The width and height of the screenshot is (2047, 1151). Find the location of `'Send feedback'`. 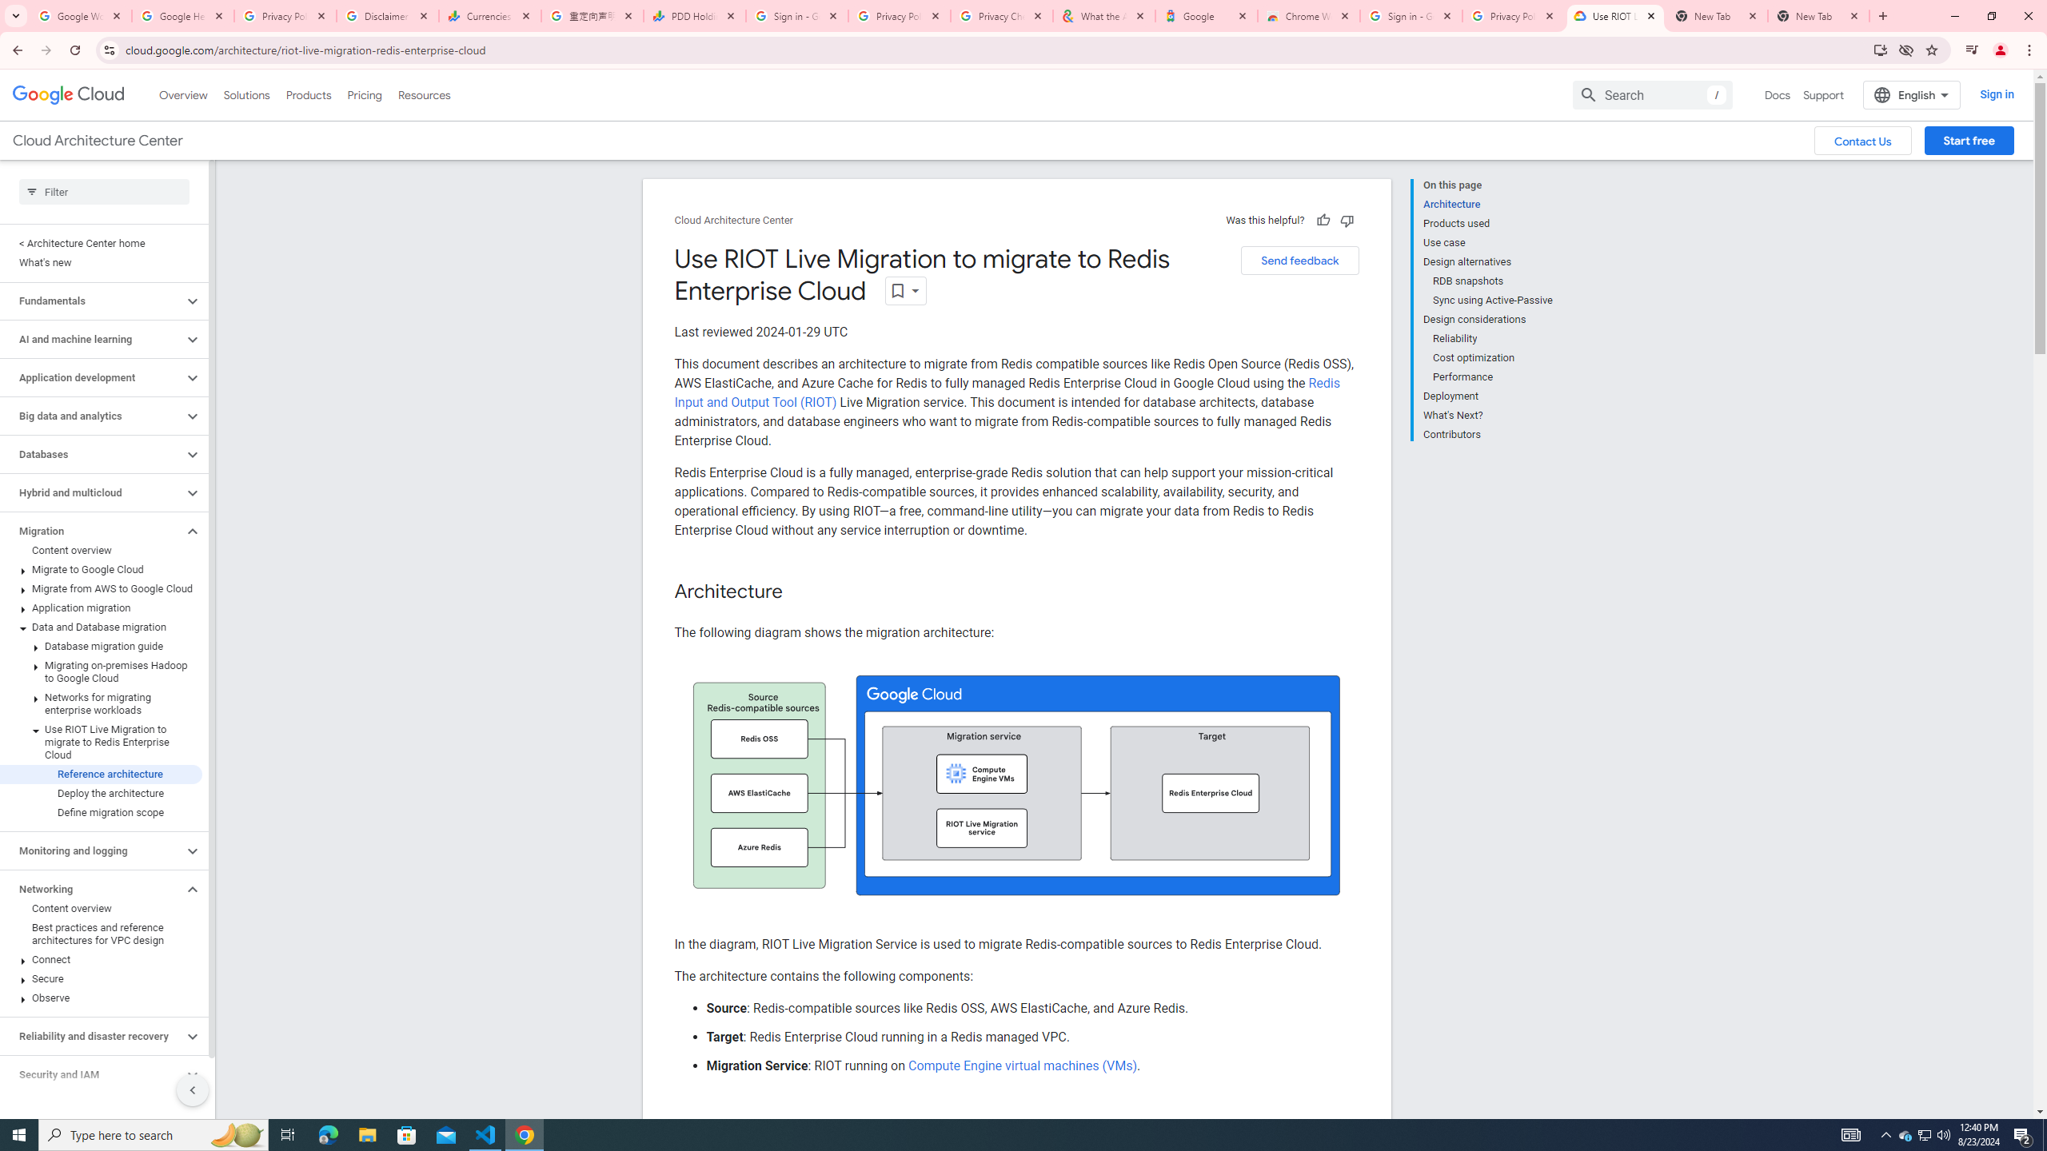

'Send feedback' is located at coordinates (1299, 260).